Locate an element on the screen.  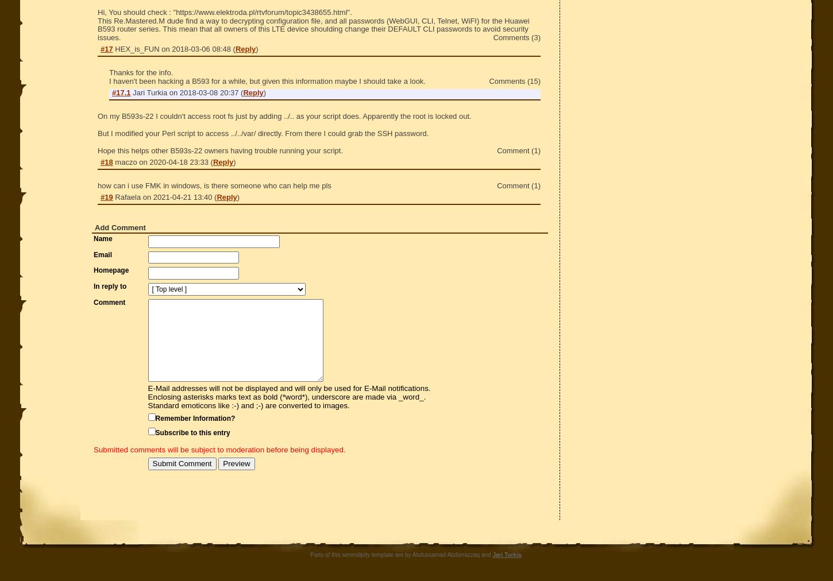
'HEX_is_FUN' is located at coordinates (137, 48).